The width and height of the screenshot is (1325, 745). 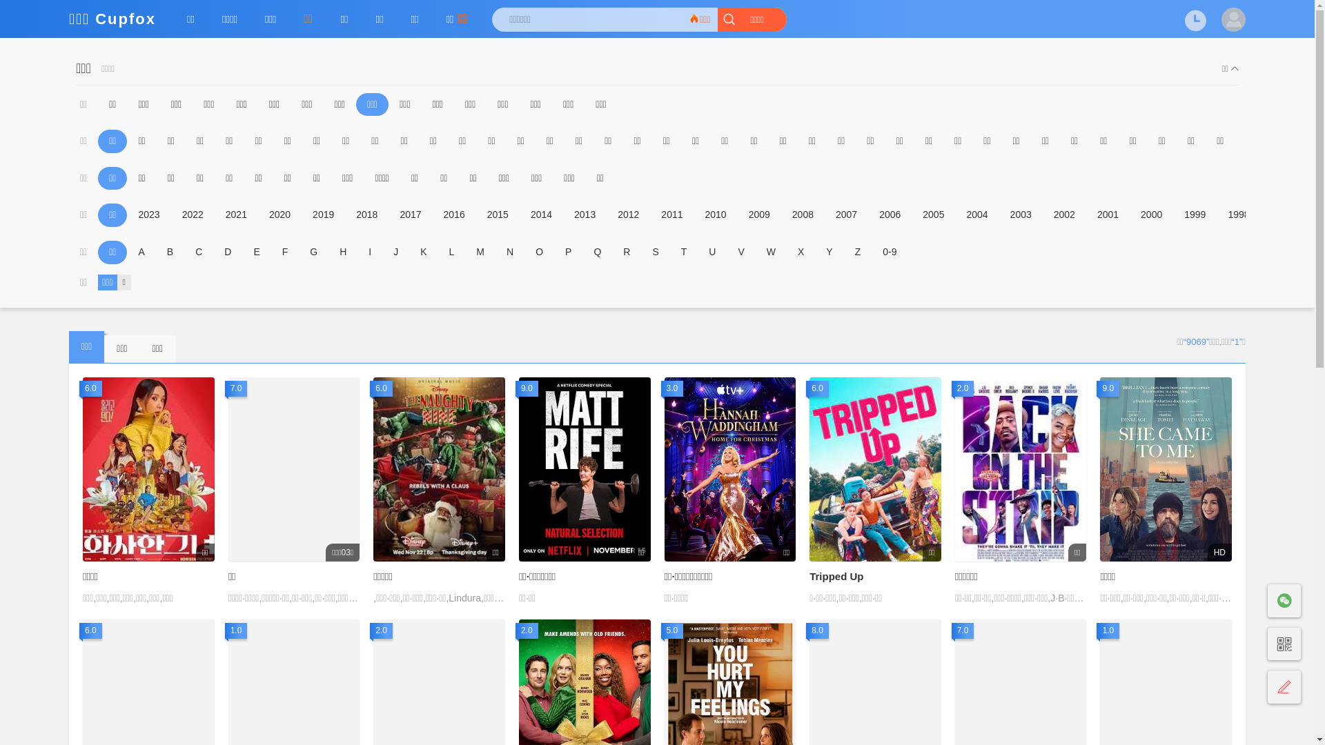 I want to click on '2019', so click(x=322, y=215).